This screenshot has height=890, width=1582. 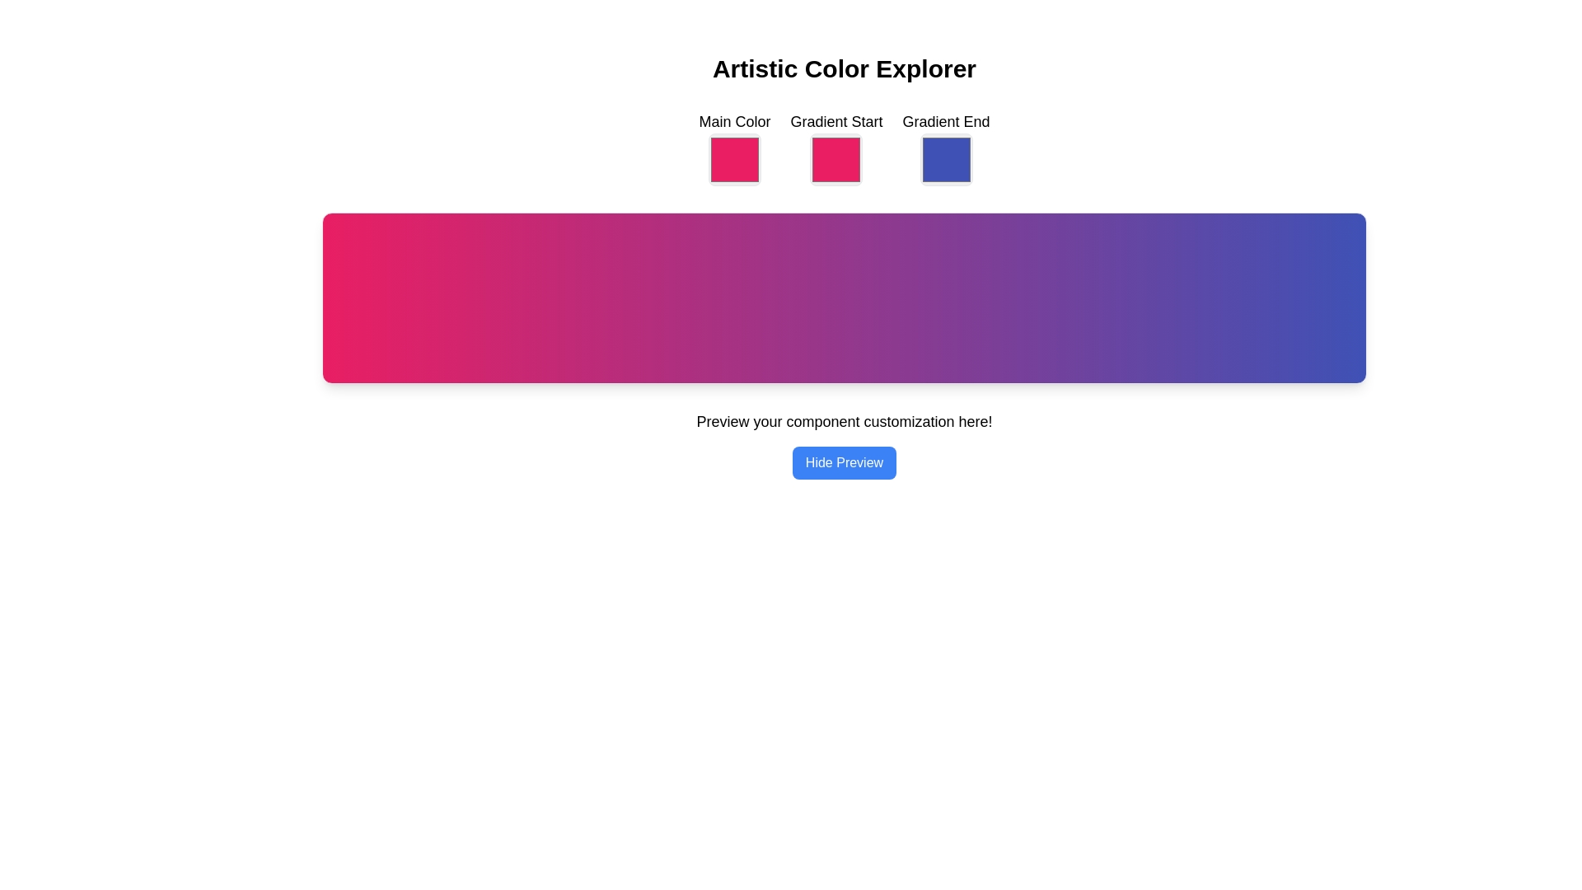 I want to click on the label displaying 'Gradient End', which is a larger, bold text element located above a blue color swatch in the UI, so click(x=946, y=120).